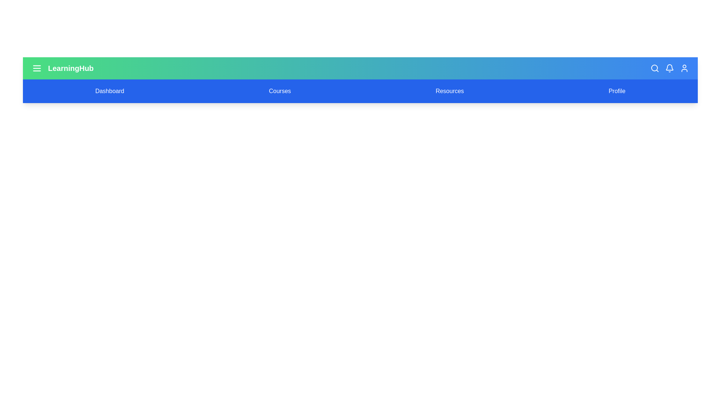  I want to click on the search icon to initiate a search, so click(655, 68).